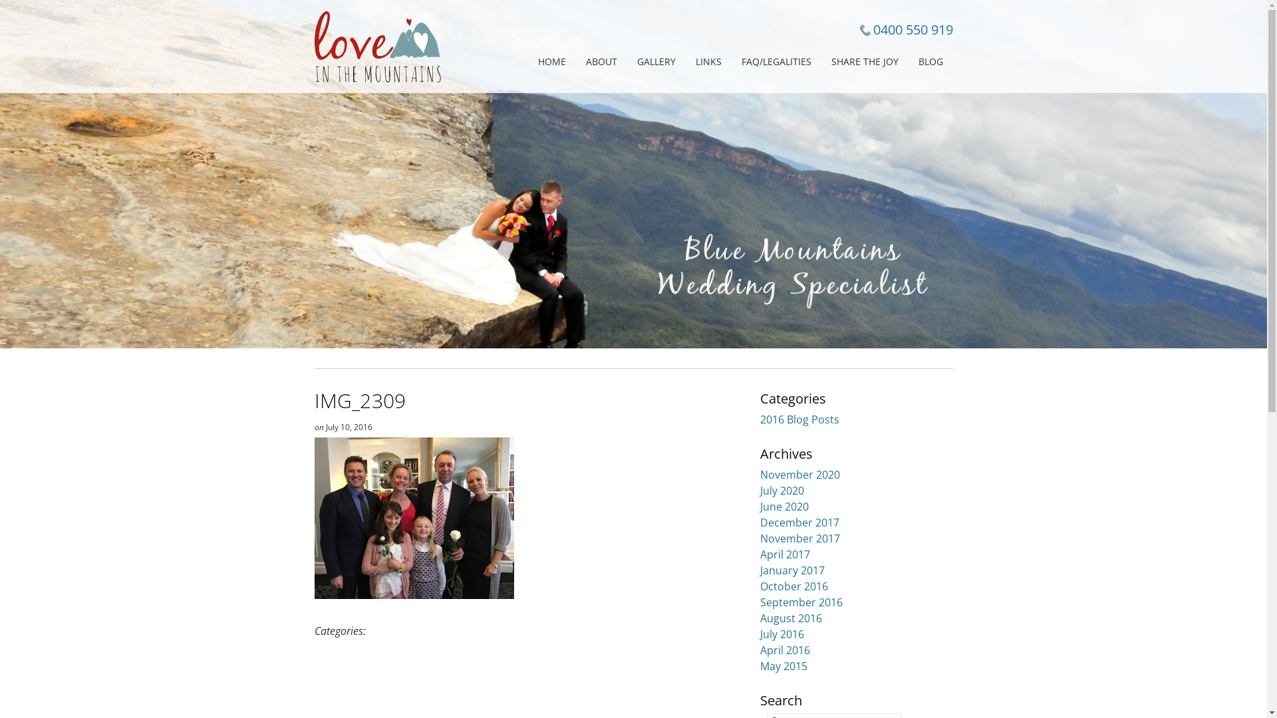  I want to click on 'FAQ/LEGALITIES', so click(730, 61).